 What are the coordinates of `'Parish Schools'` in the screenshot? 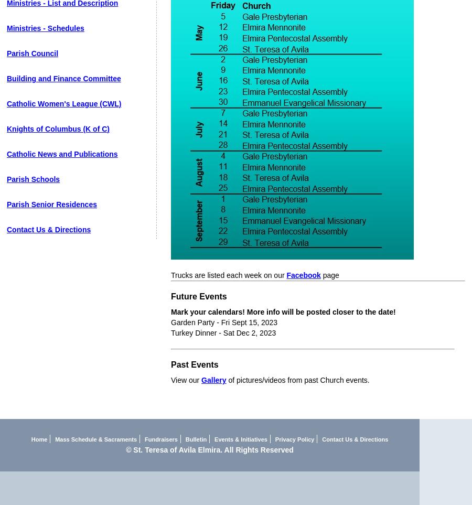 It's located at (33, 179).